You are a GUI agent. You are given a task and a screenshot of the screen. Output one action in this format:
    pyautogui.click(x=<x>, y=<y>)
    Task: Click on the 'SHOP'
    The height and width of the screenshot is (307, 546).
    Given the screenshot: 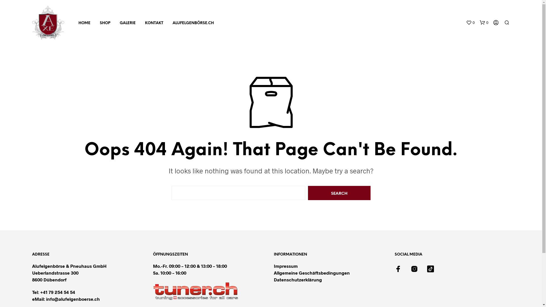 What is the action you would take?
    pyautogui.click(x=105, y=23)
    